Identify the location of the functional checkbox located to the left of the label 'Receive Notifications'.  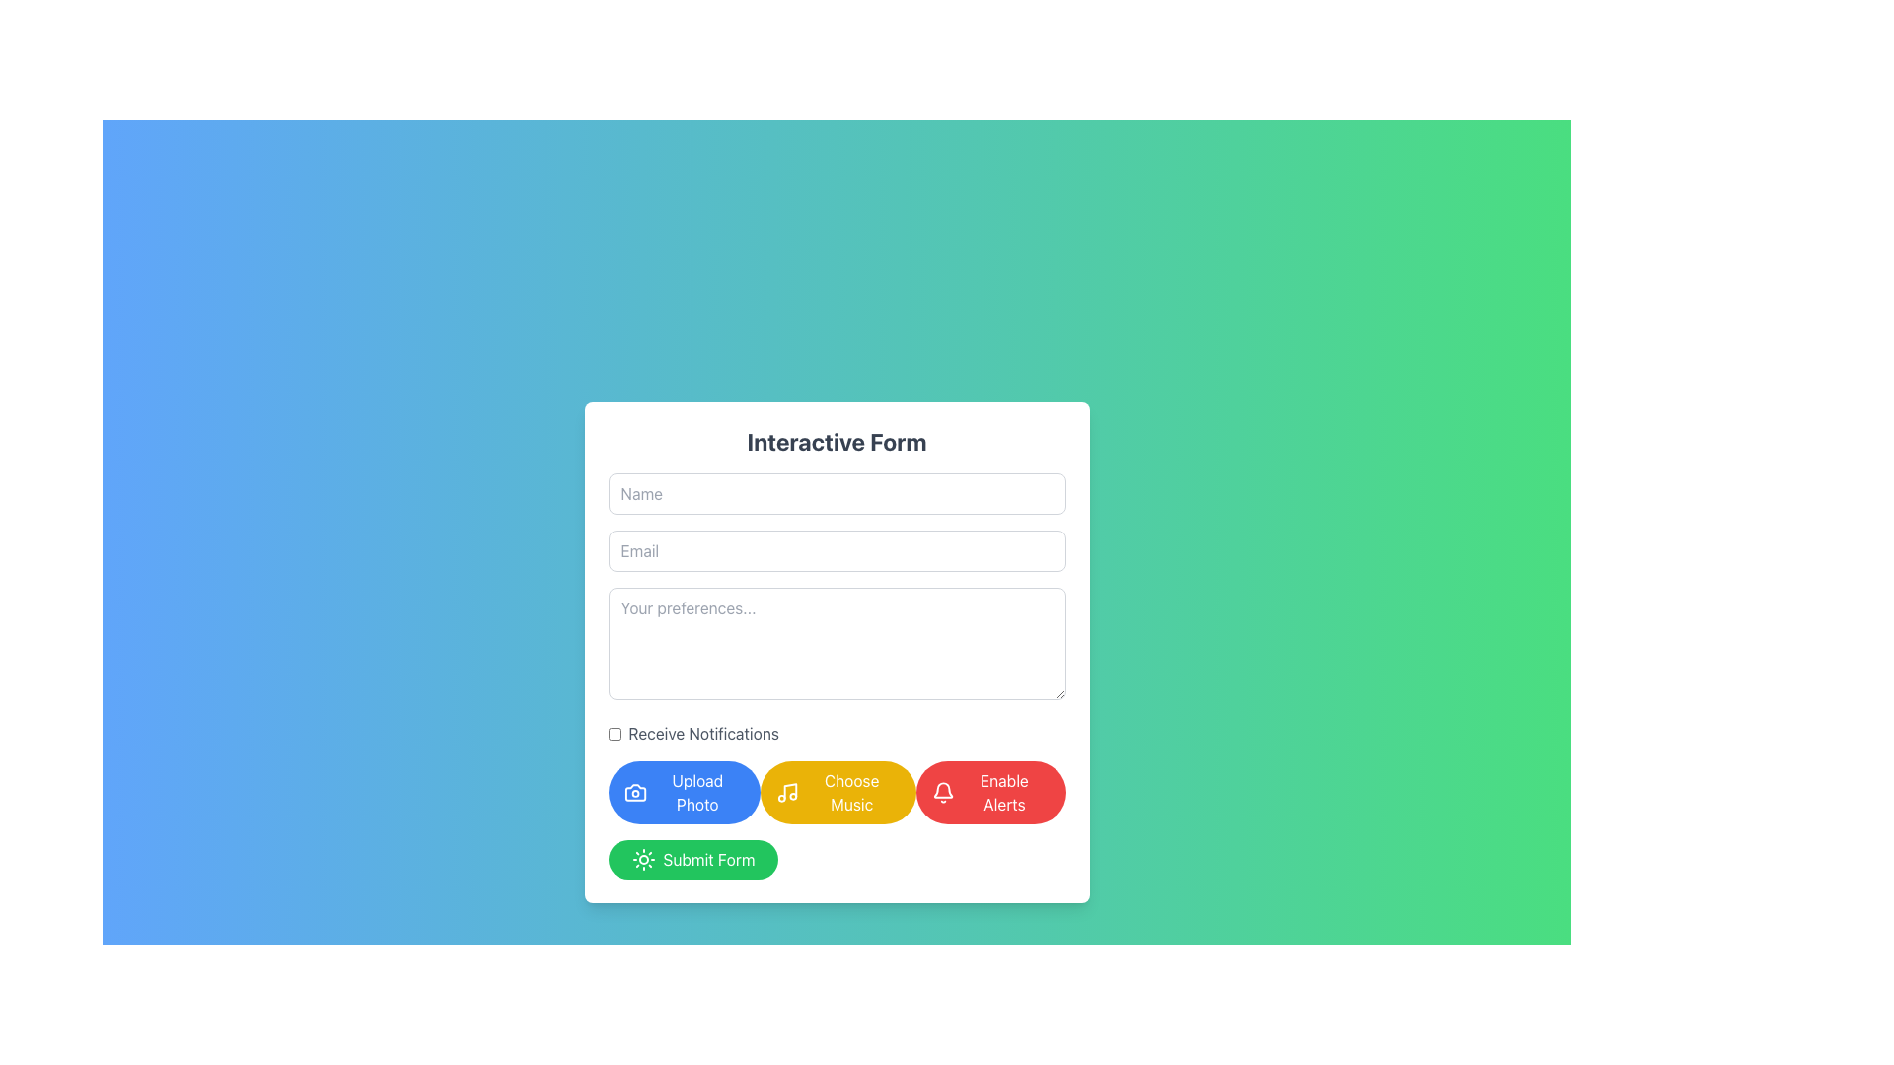
(614, 734).